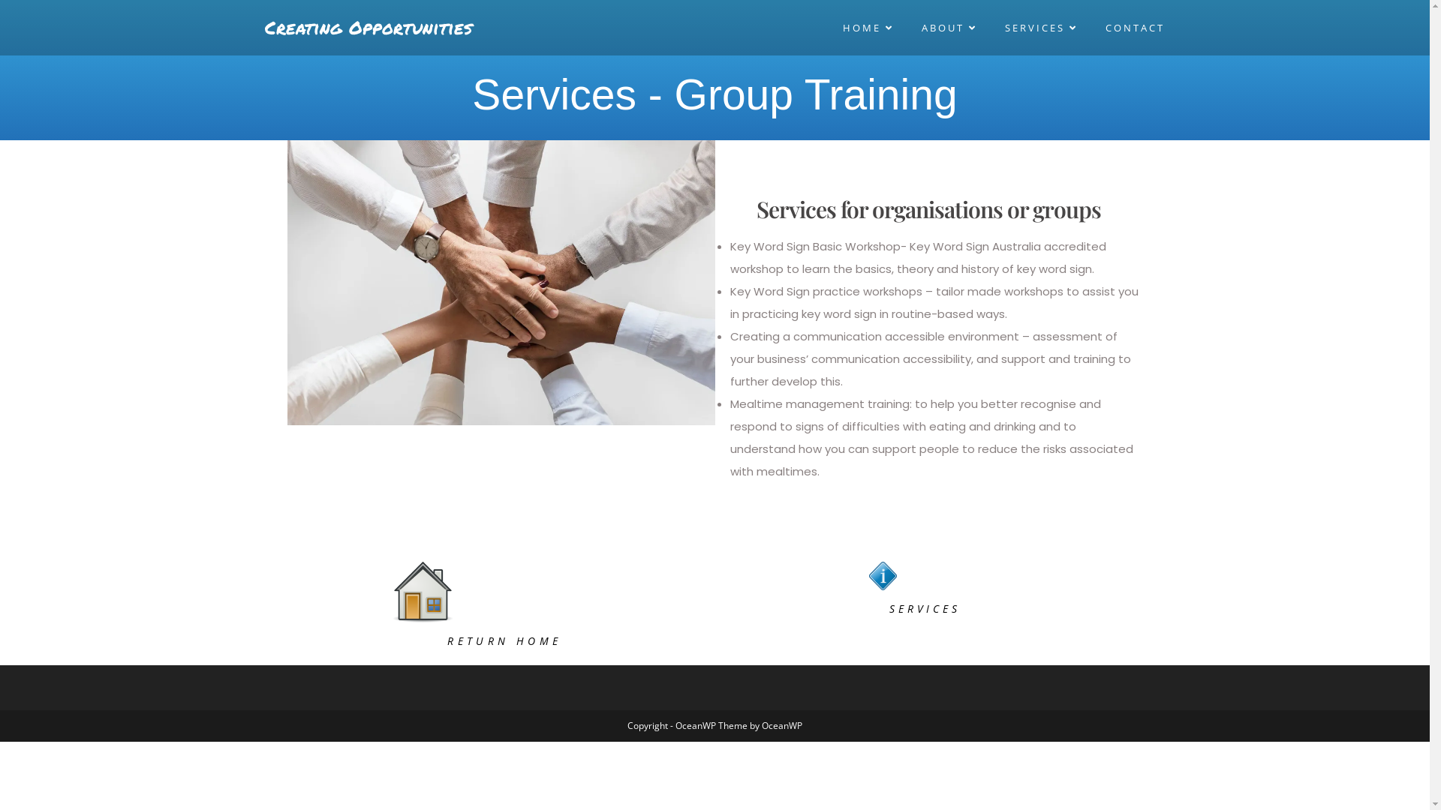 The image size is (1441, 810). What do you see at coordinates (367, 27) in the screenshot?
I see `'Creating Opportunities'` at bounding box center [367, 27].